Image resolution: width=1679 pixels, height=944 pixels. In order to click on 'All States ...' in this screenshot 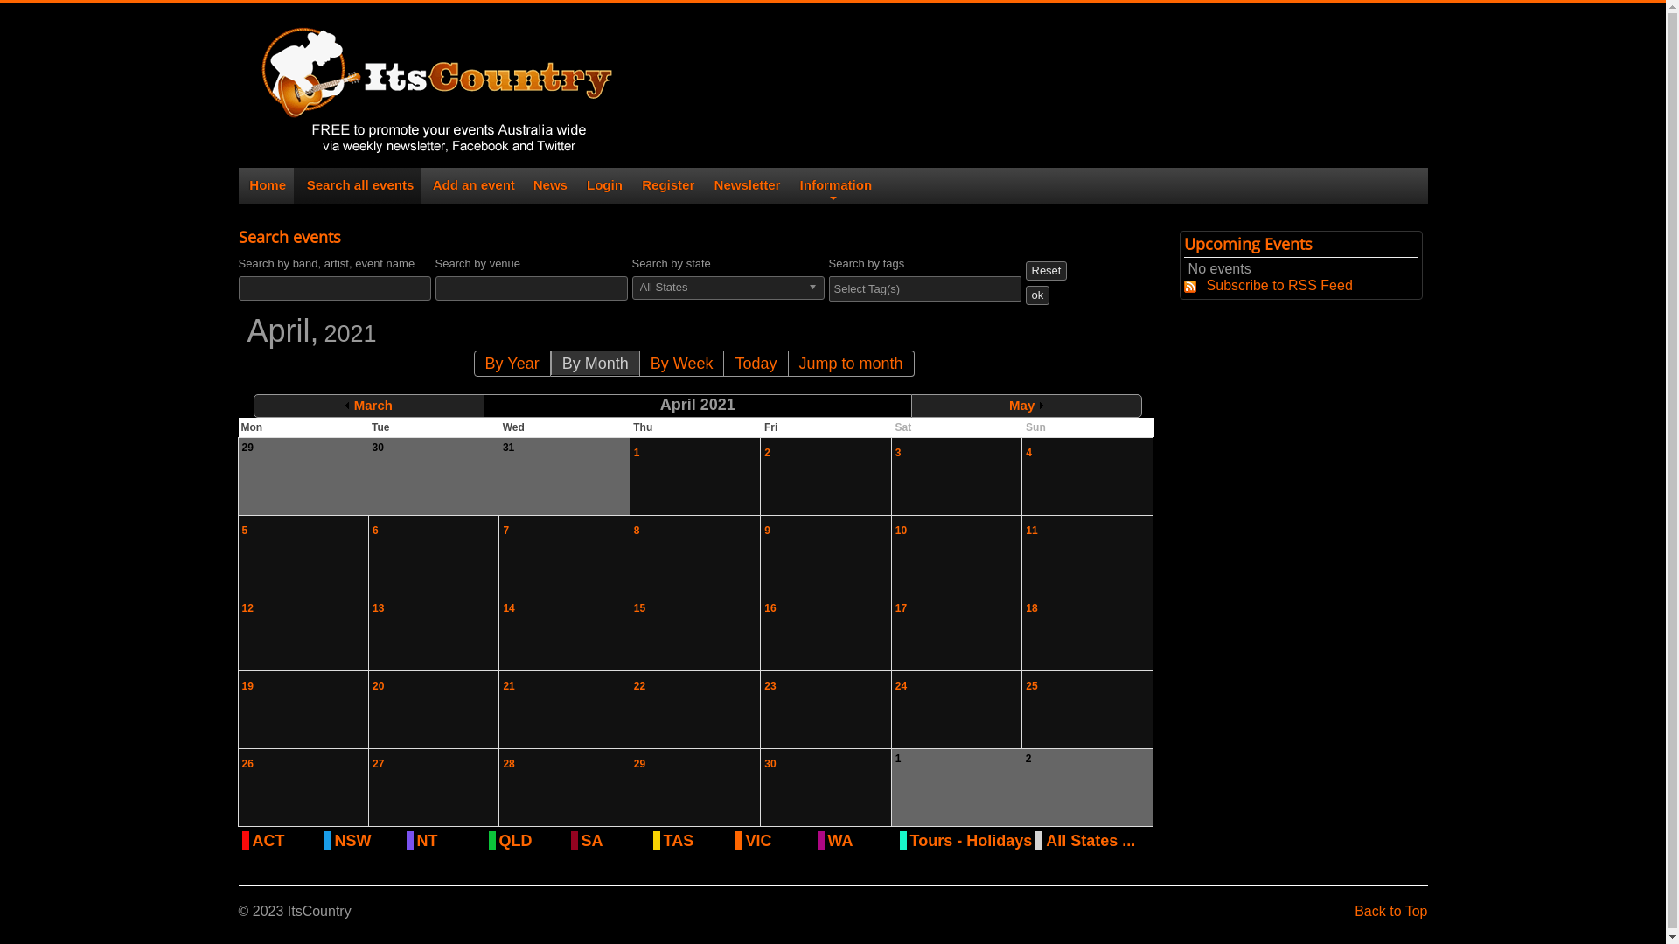, I will do `click(1090, 839)`.